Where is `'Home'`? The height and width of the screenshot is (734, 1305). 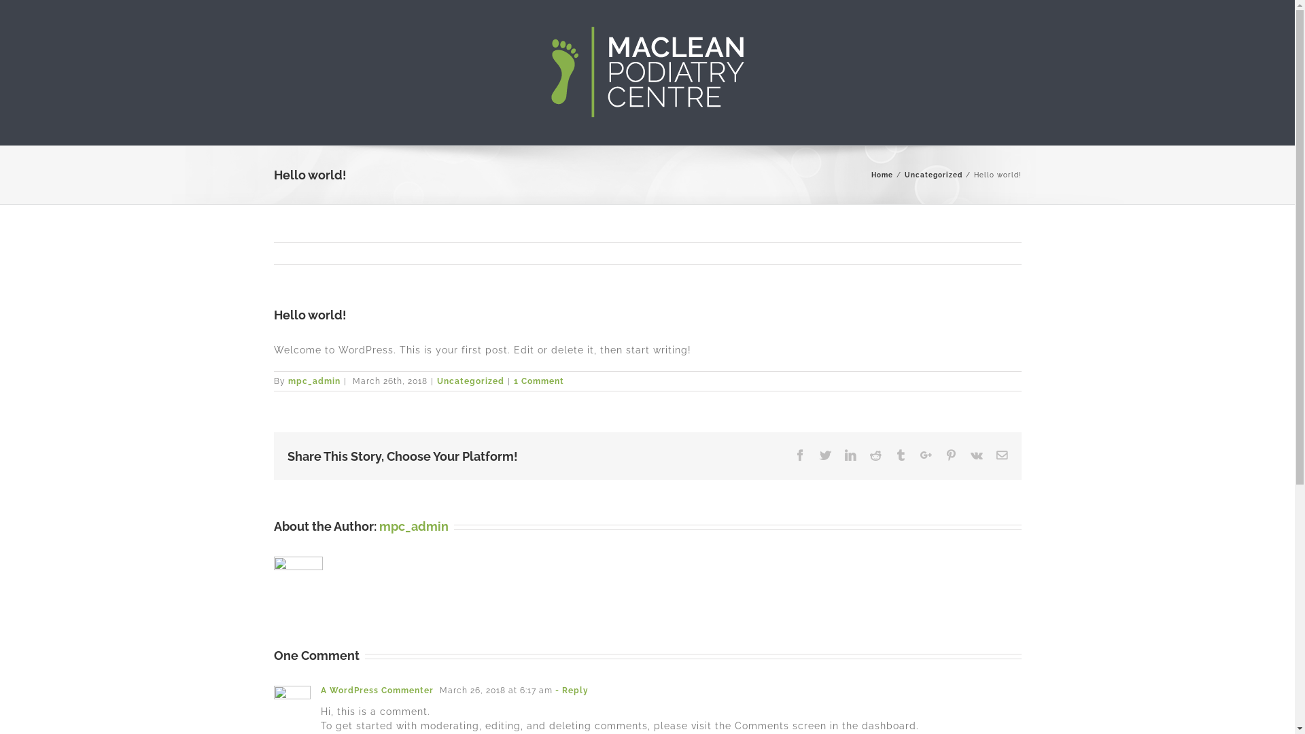 'Home' is located at coordinates (871, 174).